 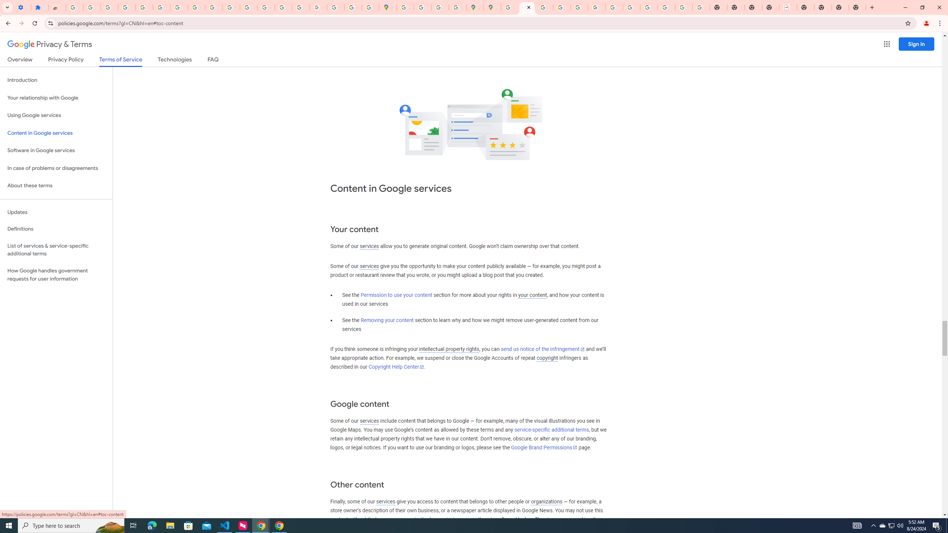 I want to click on 'Software in Google services', so click(x=56, y=150).